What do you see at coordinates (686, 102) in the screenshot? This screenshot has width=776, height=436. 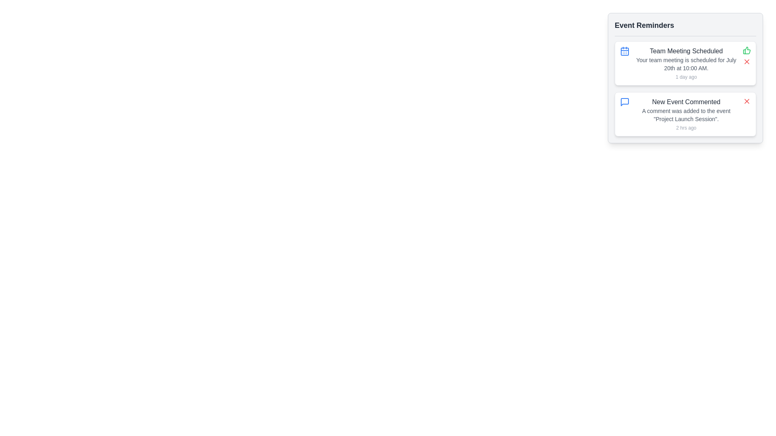 I see `the Text Label that serves as the title of the notification, located below the 'Team Meeting Scheduled' notification in the 'Event Reminders' section` at bounding box center [686, 102].